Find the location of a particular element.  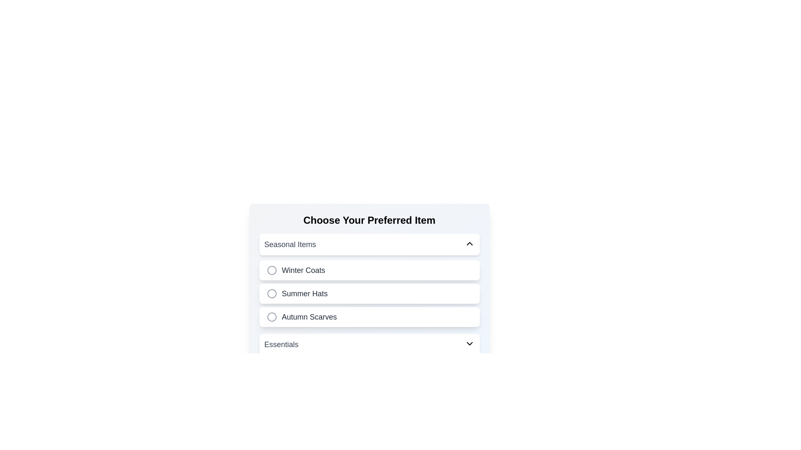

the text label 'Summer Hats' which is styled in bold dark gray and positioned to the right of a circular radio button, located in the list under the heading 'Choose Your Preferred Item.' is located at coordinates (304, 293).